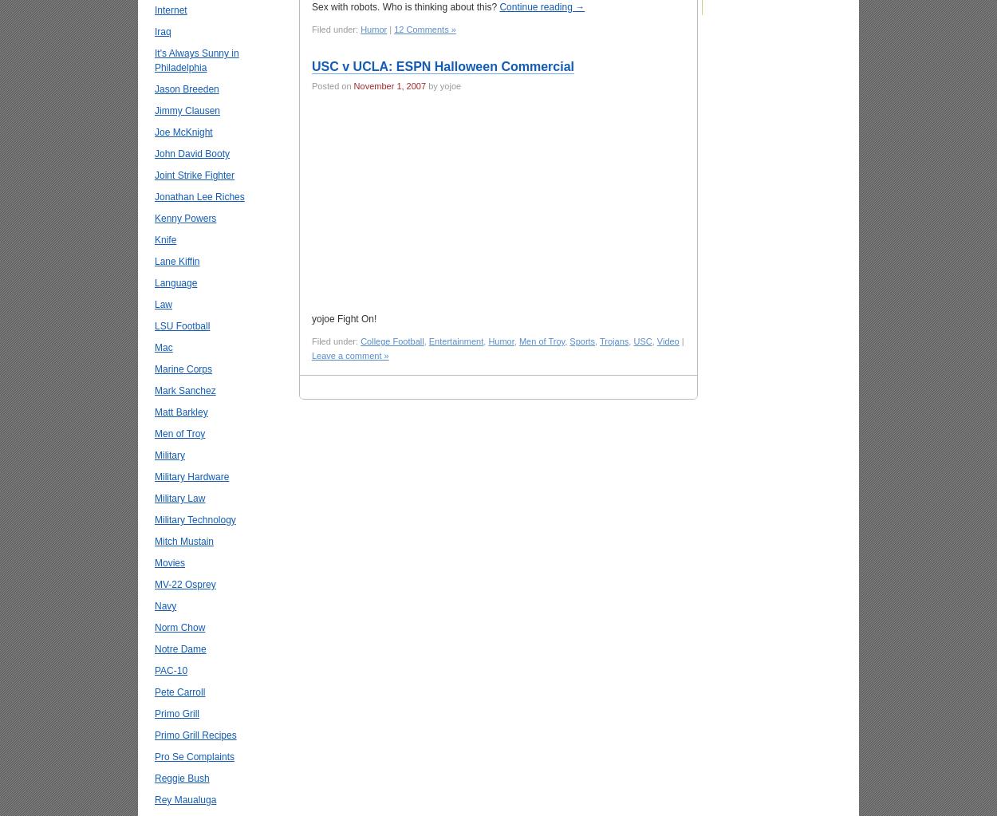  Describe the element at coordinates (175, 282) in the screenshot. I see `'Language'` at that location.